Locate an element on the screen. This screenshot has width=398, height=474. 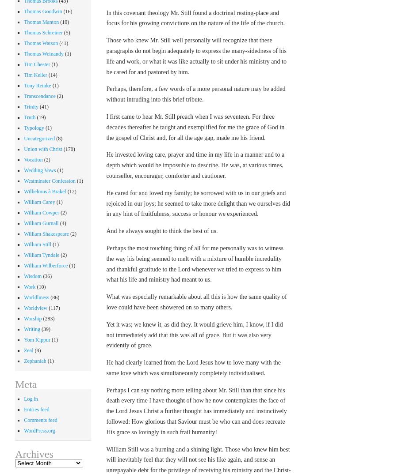
'Zephaniah' is located at coordinates (34, 360).